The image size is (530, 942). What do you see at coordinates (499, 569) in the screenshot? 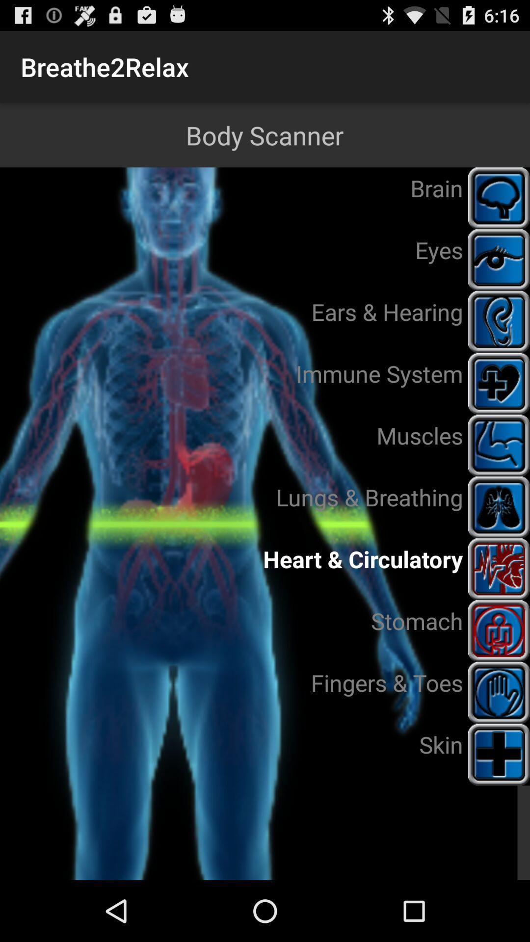
I see `the heart  circulatory icon` at bounding box center [499, 569].